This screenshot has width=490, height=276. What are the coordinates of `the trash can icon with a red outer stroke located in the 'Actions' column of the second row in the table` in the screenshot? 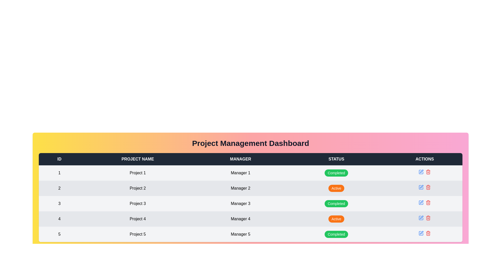 It's located at (428, 172).